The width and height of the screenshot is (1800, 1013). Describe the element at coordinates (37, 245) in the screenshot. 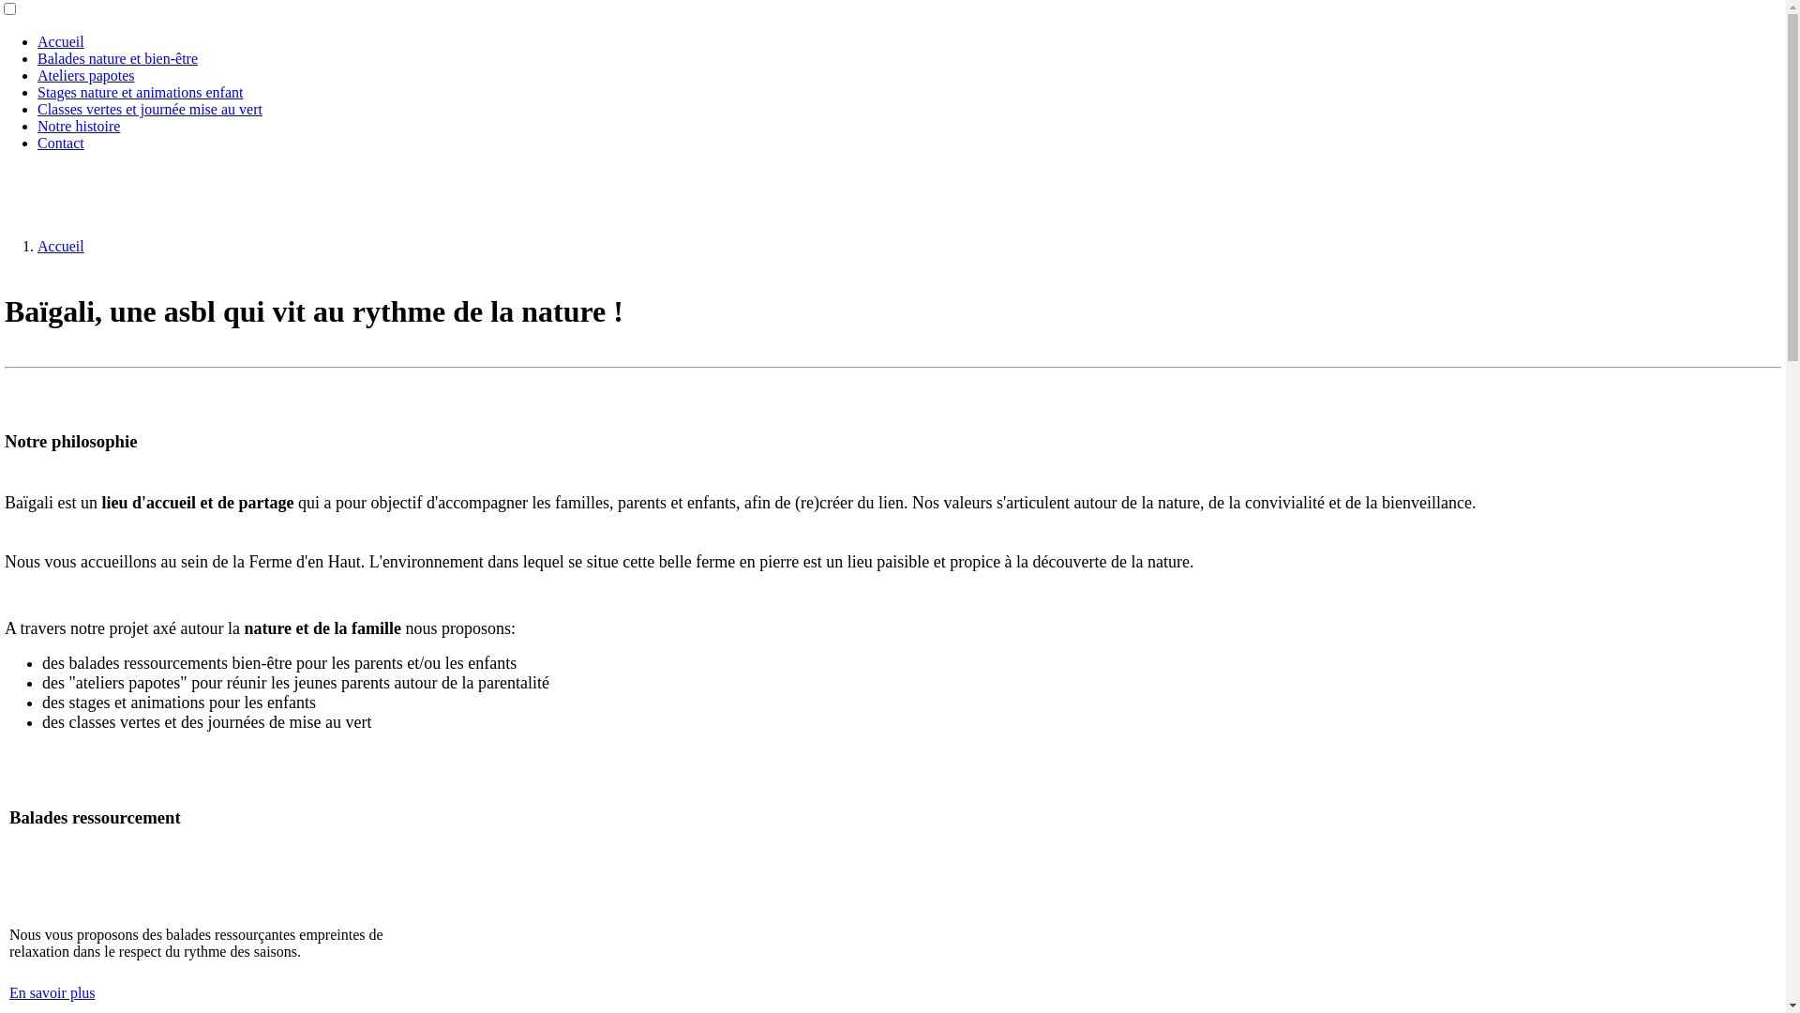

I see `'Accueil'` at that location.